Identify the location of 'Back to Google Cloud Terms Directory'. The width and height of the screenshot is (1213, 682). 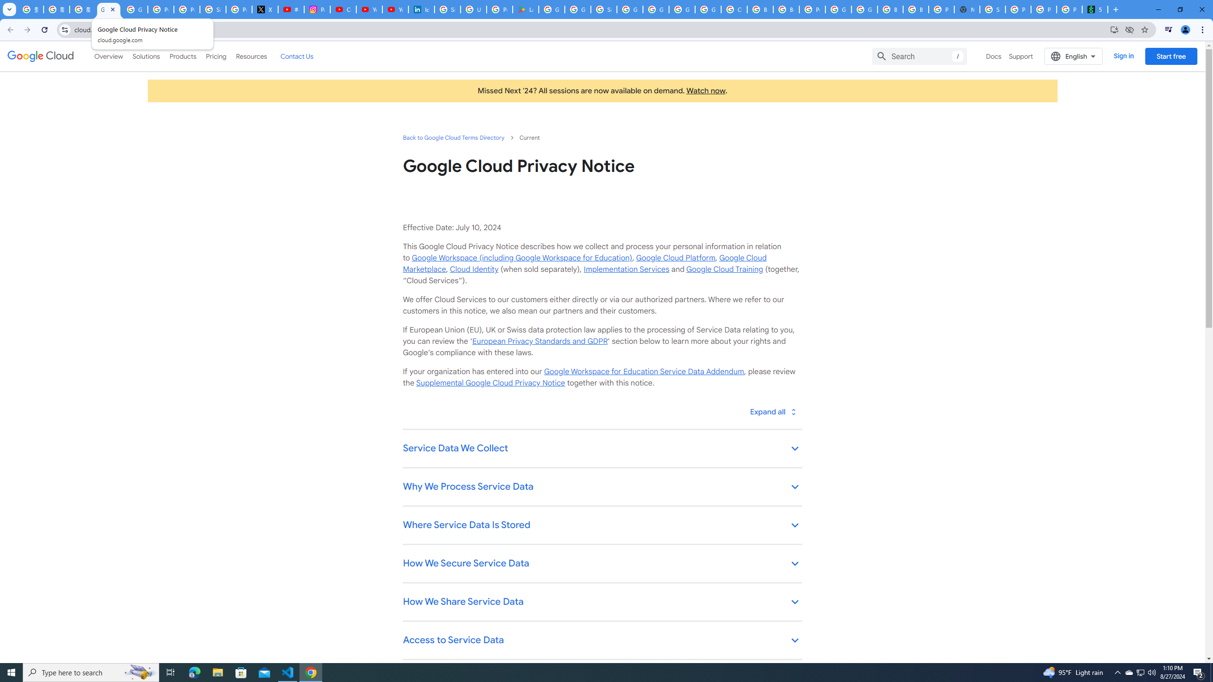
(453, 137).